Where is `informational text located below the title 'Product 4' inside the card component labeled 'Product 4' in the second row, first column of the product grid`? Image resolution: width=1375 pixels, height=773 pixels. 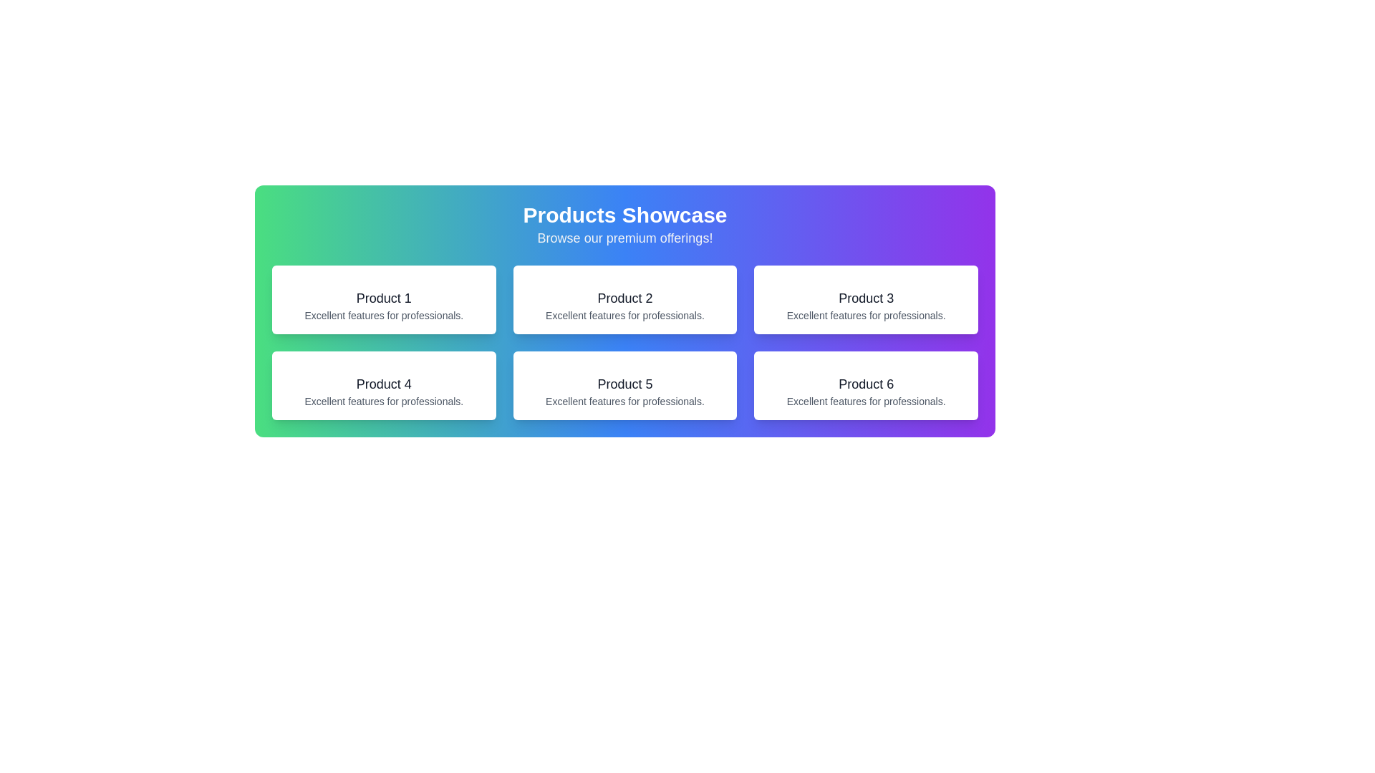 informational text located below the title 'Product 4' inside the card component labeled 'Product 4' in the second row, first column of the product grid is located at coordinates (384, 401).